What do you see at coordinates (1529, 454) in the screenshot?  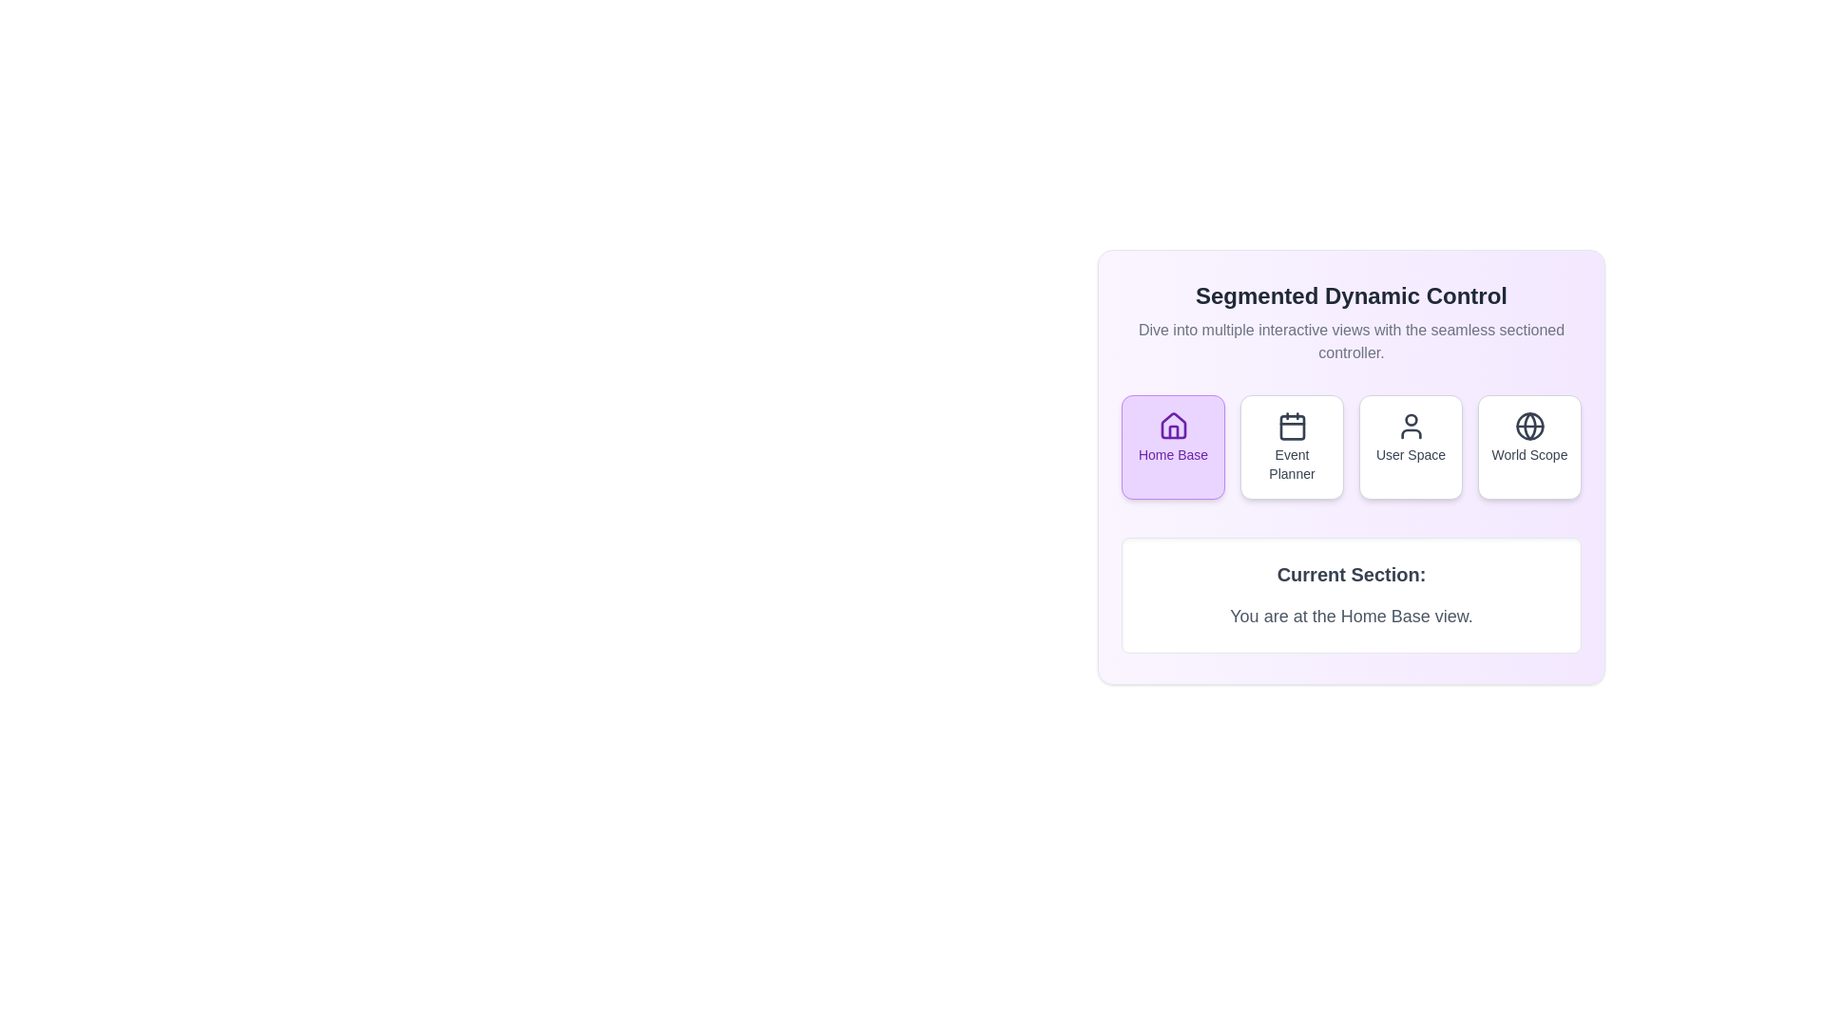 I see `the descriptive text label located in the top right of its button group, positioned below a globe icon` at bounding box center [1529, 454].